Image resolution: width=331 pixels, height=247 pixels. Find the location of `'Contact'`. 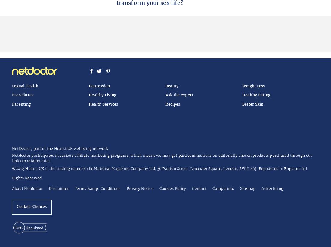

'Contact' is located at coordinates (199, 189).